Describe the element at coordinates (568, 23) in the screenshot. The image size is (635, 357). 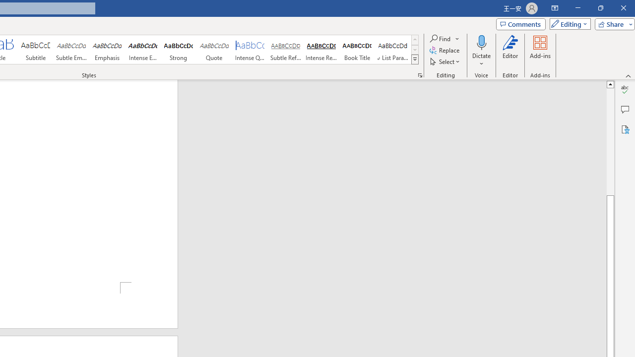
I see `'Editing'` at that location.